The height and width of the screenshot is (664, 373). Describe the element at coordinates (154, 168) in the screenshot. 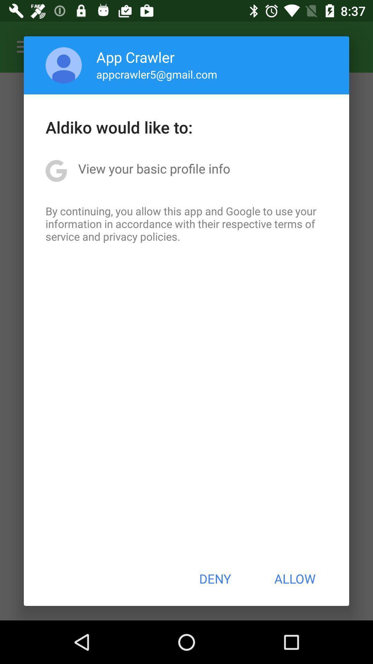

I see `the view your basic app` at that location.